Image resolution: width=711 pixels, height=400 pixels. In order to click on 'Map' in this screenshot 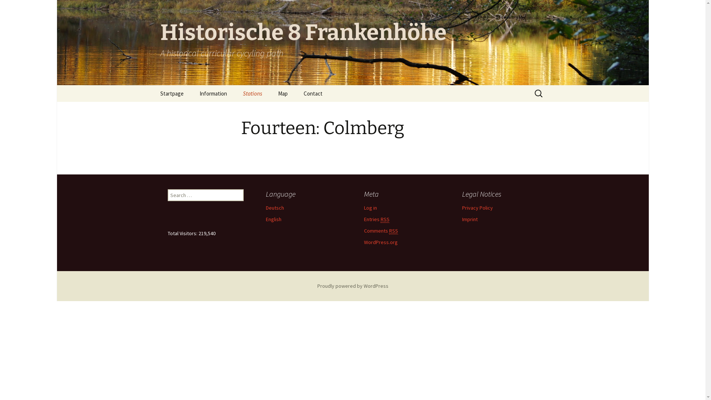, I will do `click(282, 93)`.